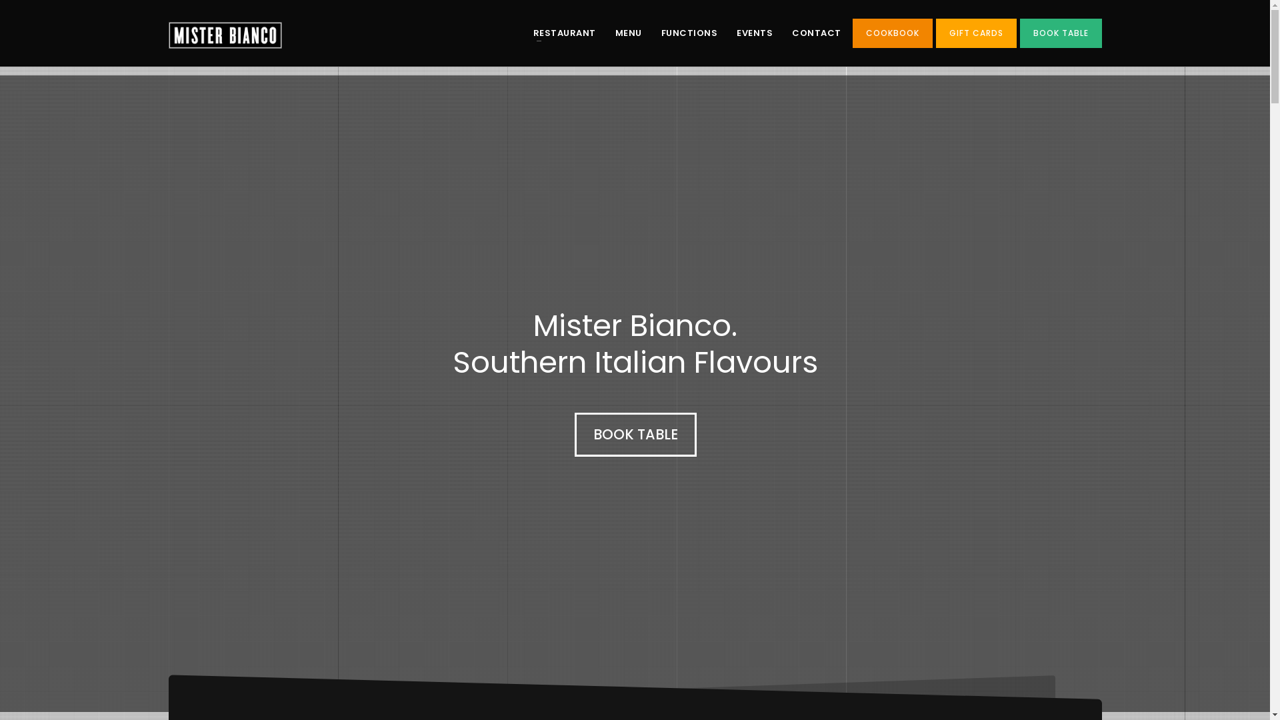  Describe the element at coordinates (976, 33) in the screenshot. I see `'GIFT CARDS'` at that location.